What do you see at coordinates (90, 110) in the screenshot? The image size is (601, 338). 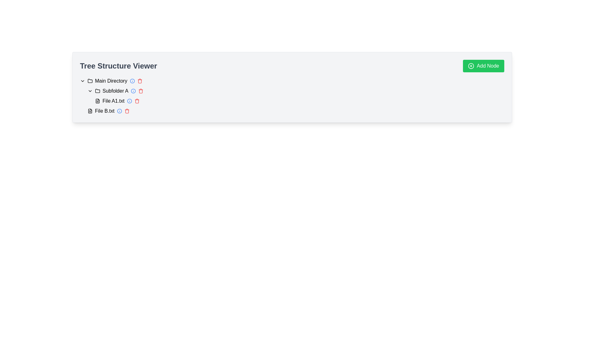 I see `the file icon that resembles a piece of paper with text, located to the left of the filename 'File B.txt' in the tree structure viewer` at bounding box center [90, 110].